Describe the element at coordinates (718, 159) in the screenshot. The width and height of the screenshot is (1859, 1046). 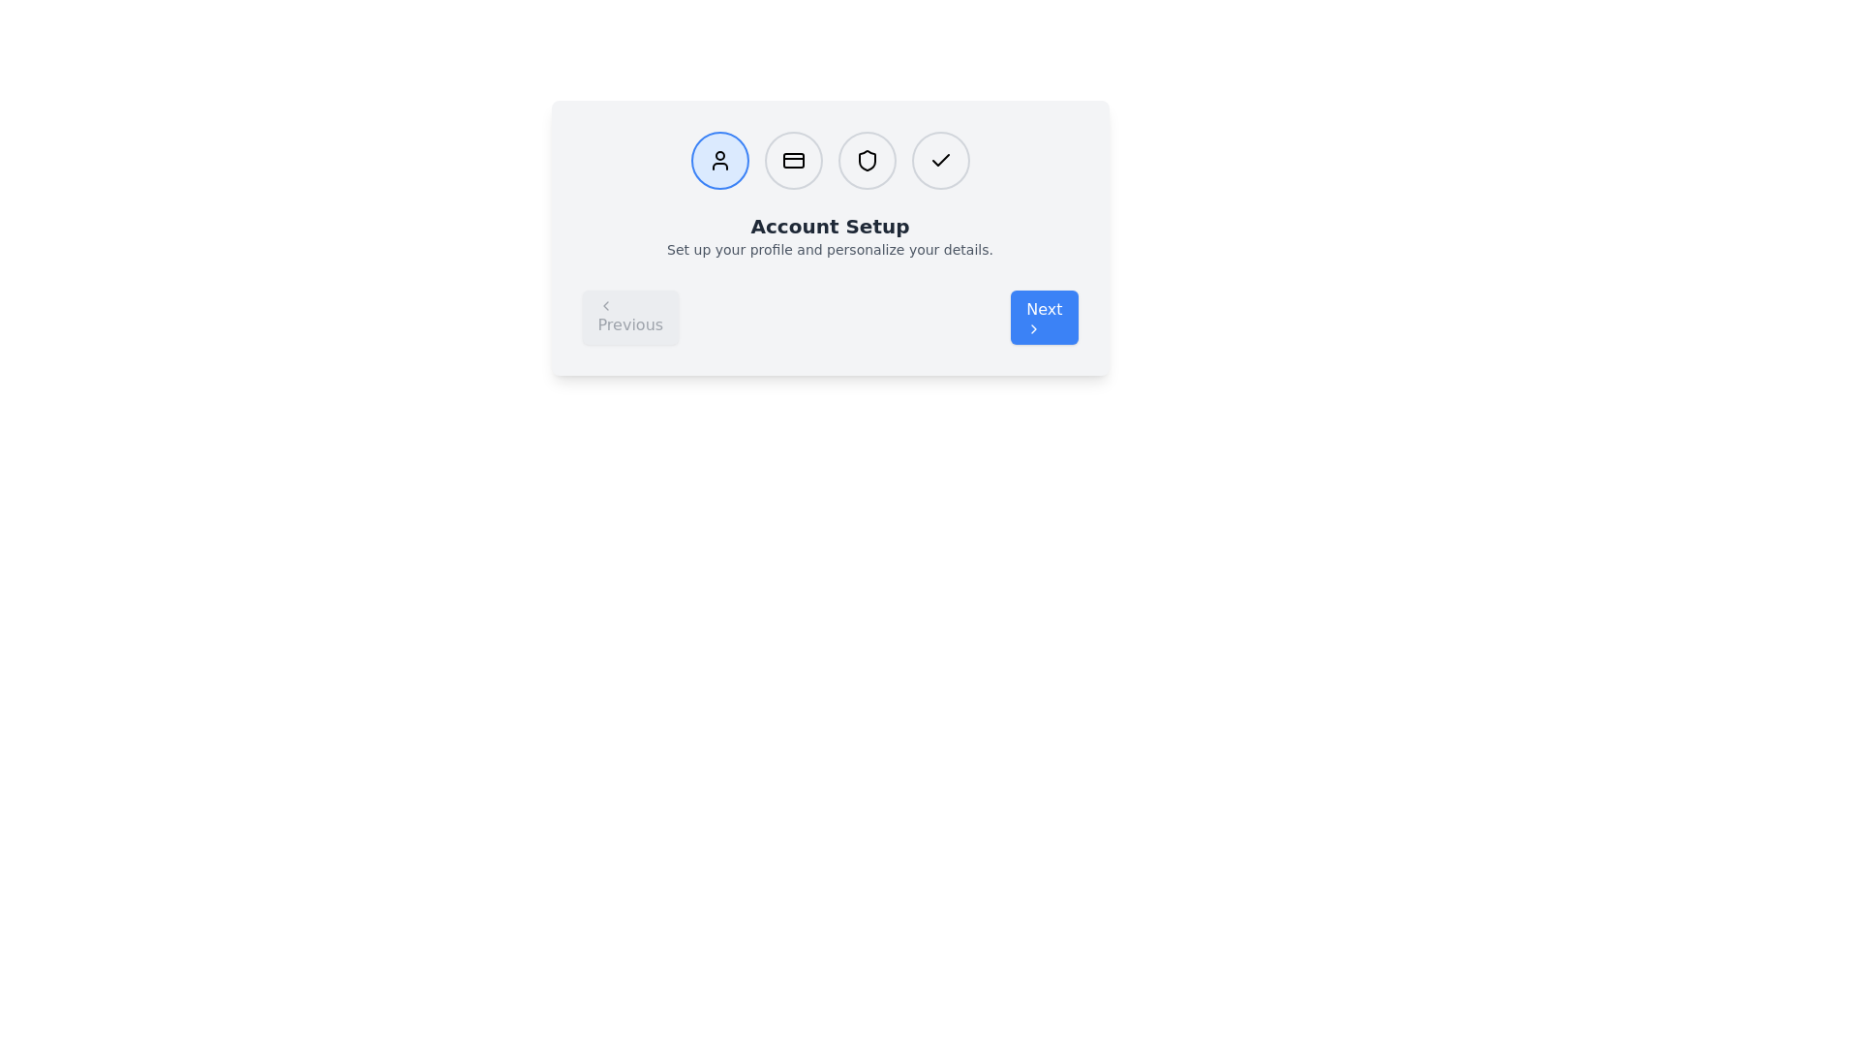
I see `the circular button with a light blue background and a user profile icon, located in the upper portion of the modal interface` at that location.